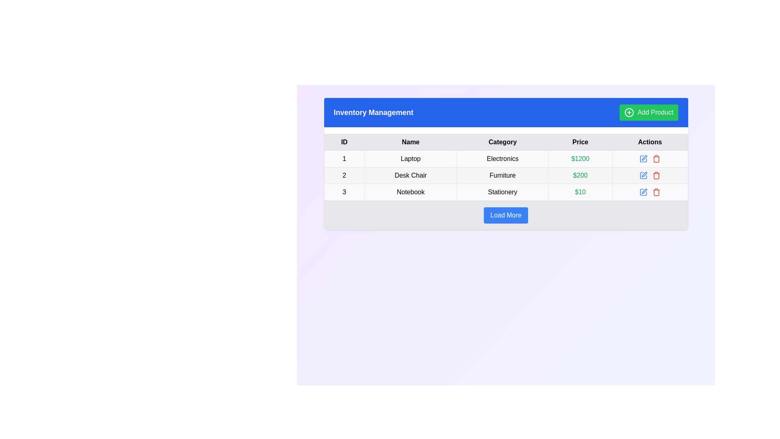 The height and width of the screenshot is (439, 780). What do you see at coordinates (344, 159) in the screenshot?
I see `the bold number '1' text label located in the first column of the first row of a table under the 'ID' header, which is part of a row for 'Laptop' in 'Electronics'` at bounding box center [344, 159].